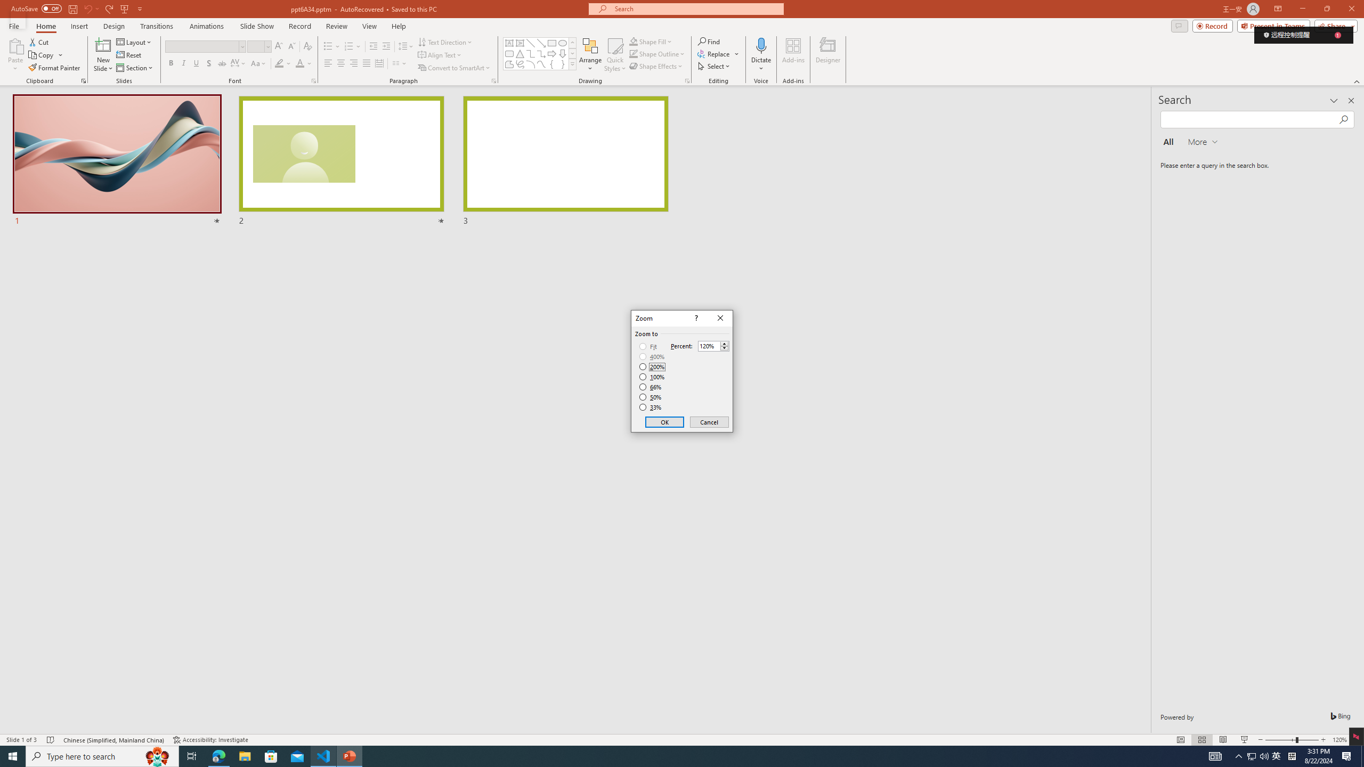 This screenshot has width=1364, height=767. Describe the element at coordinates (171, 63) in the screenshot. I see `'Bold'` at that location.